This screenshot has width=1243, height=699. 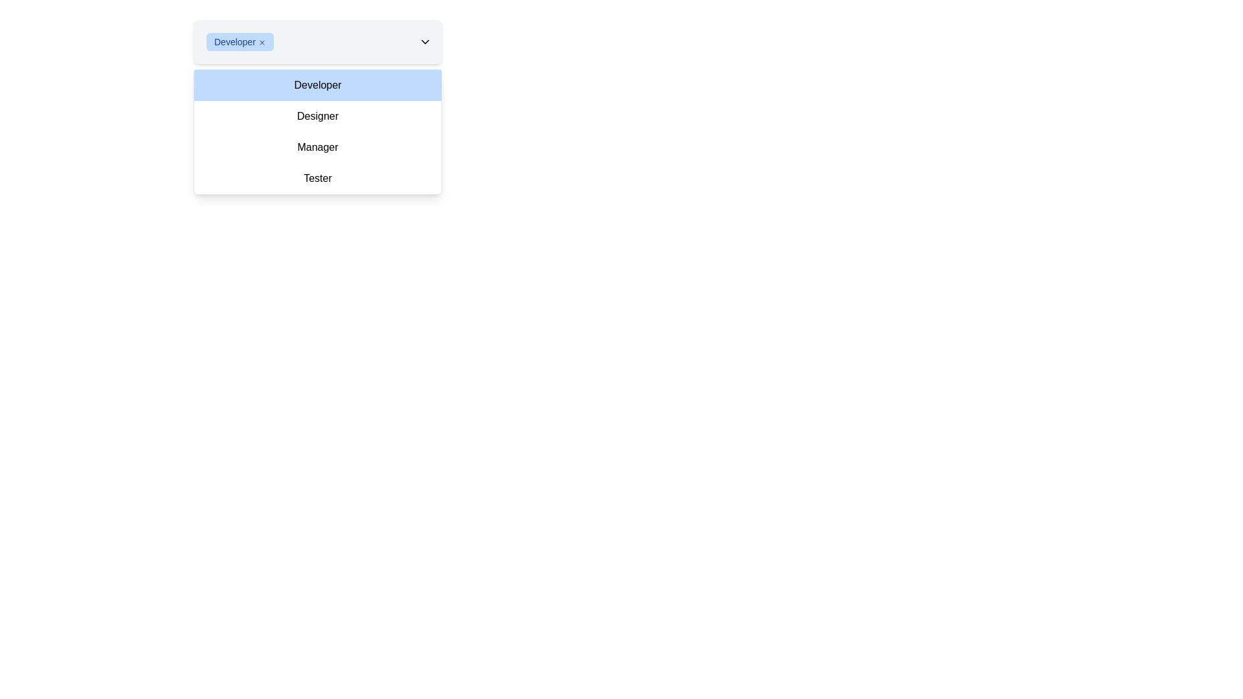 What do you see at coordinates (317, 106) in the screenshot?
I see `the dropdown list item labeled 'Developer'` at bounding box center [317, 106].